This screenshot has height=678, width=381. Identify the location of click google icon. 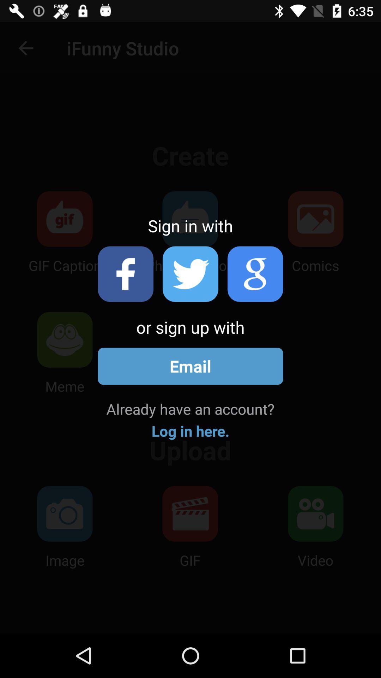
(255, 274).